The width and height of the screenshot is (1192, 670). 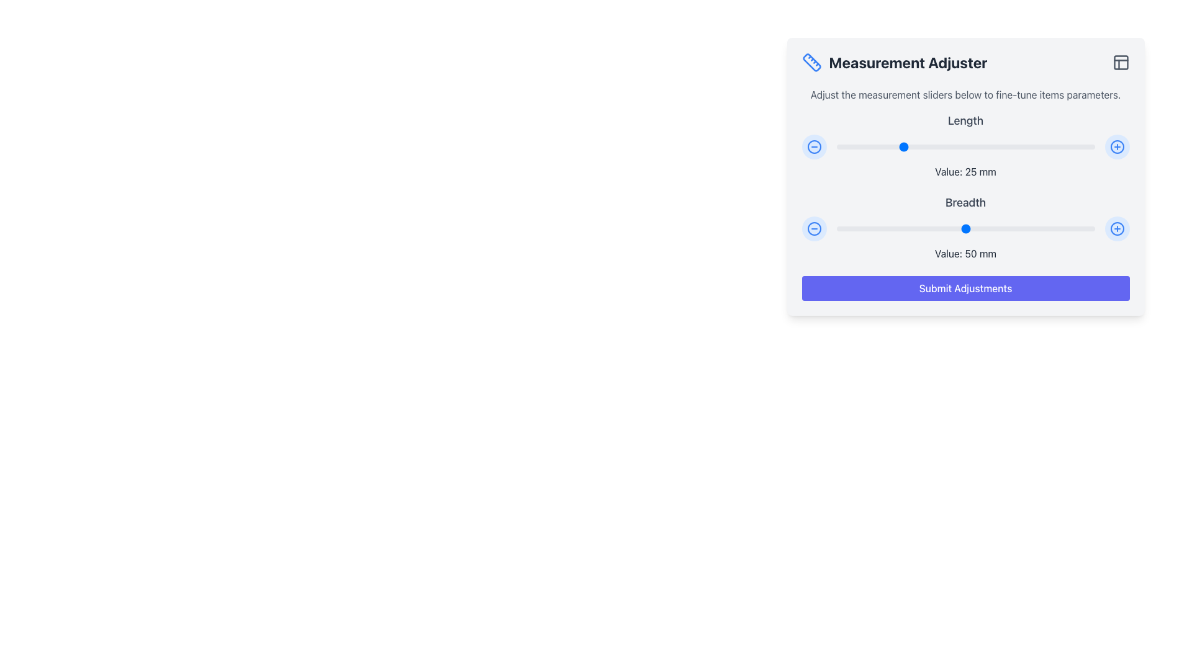 What do you see at coordinates (965, 288) in the screenshot?
I see `the 'Submit Adjustments' button located at the bottom of the 'Measurement Adjuster' panel to observe the hover effects` at bounding box center [965, 288].